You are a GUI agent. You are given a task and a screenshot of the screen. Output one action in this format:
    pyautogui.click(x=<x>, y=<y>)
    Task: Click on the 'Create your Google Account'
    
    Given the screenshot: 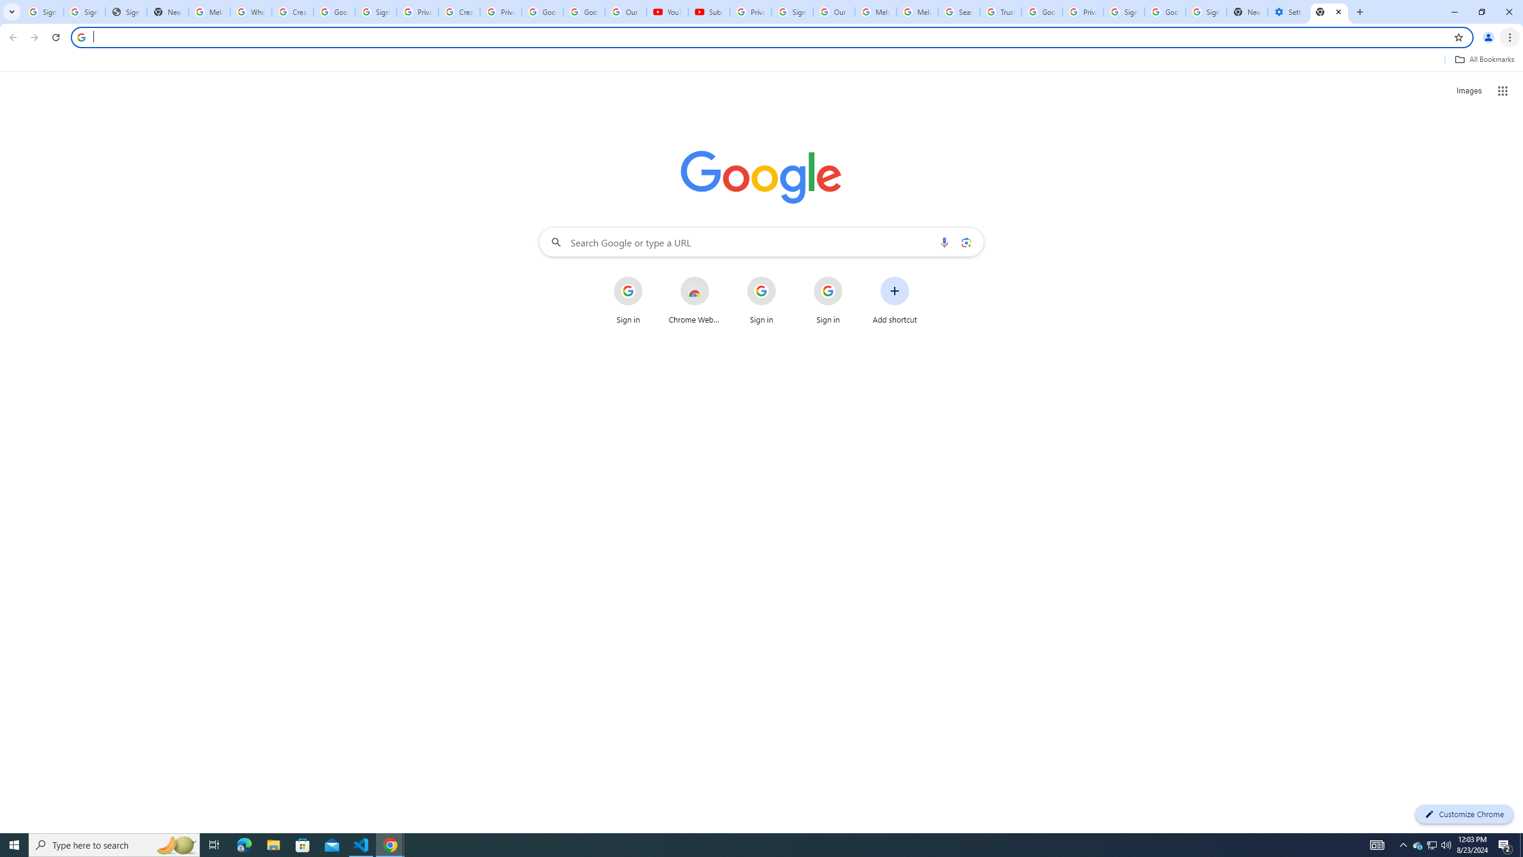 What is the action you would take?
    pyautogui.click(x=458, y=11)
    